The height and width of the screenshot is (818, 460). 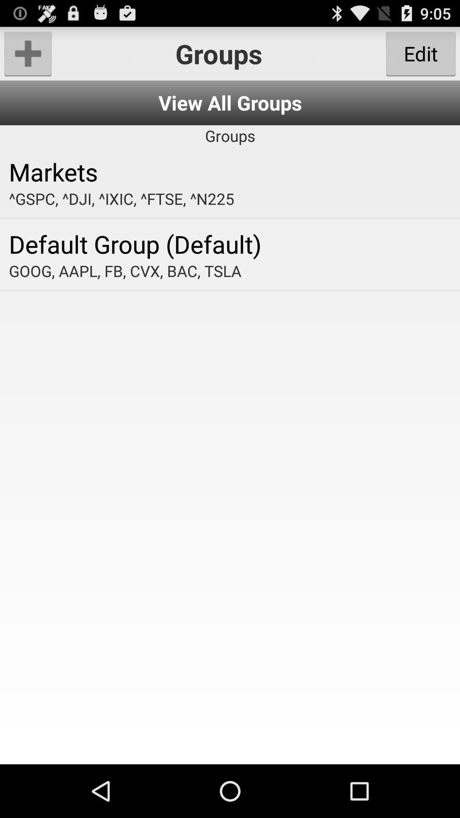 I want to click on the icon below the groups app, so click(x=230, y=171).